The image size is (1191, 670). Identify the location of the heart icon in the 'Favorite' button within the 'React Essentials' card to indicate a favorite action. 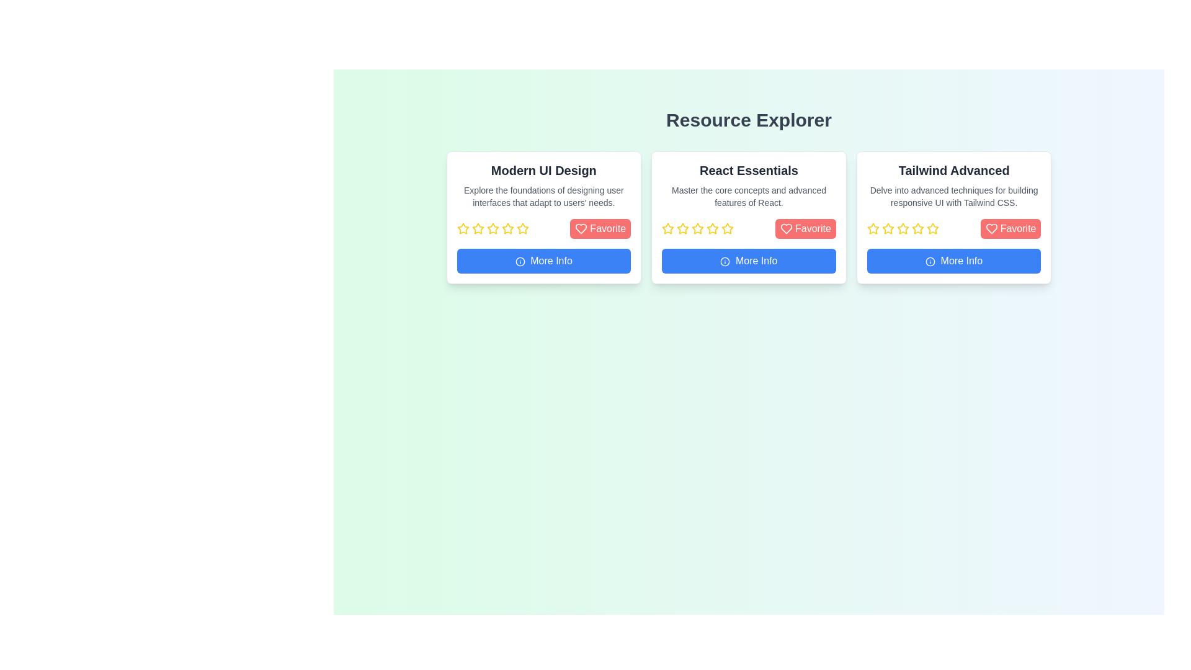
(785, 229).